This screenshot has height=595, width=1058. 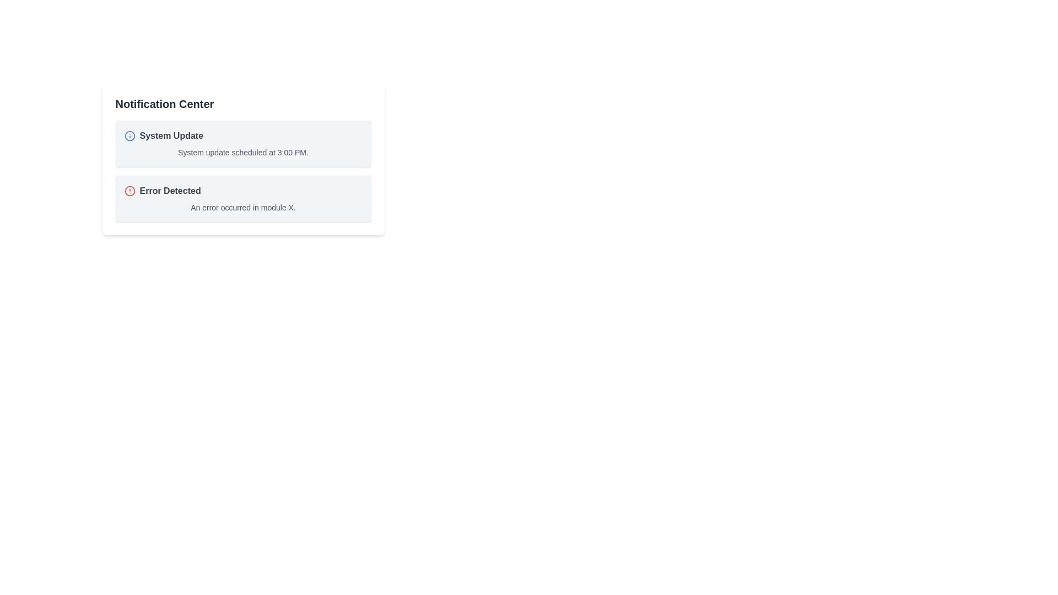 What do you see at coordinates (129, 135) in the screenshot?
I see `the circular graphic element with a blue border that is part of the 'System Update' notification icon in the Notification Center` at bounding box center [129, 135].